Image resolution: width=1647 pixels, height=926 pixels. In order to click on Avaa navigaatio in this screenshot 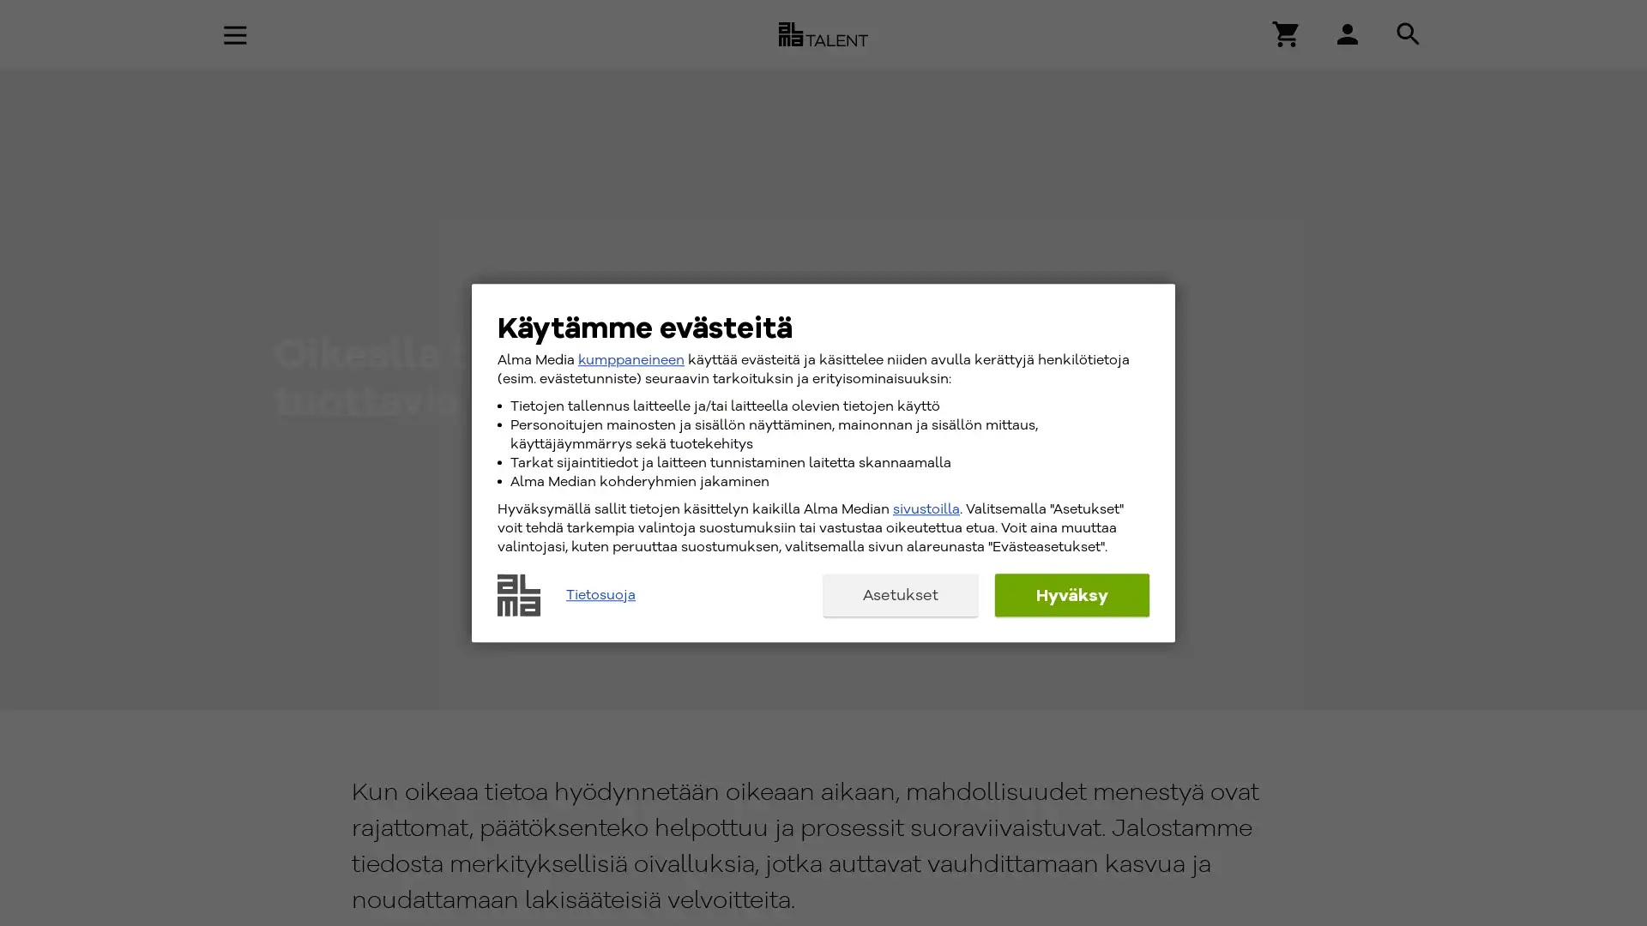, I will do `click(233, 33)`.